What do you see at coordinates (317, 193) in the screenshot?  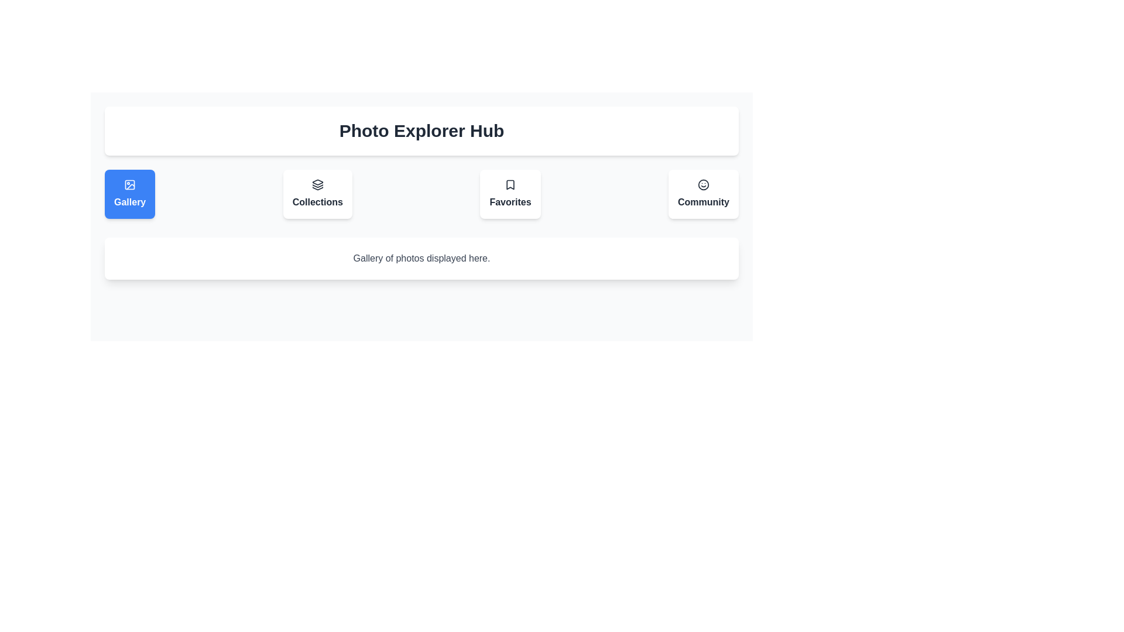 I see `the 'Collections' navigation button located between the 'Gallery' and 'Favorites' buttons in the 'Photo Explorer Hub' interface` at bounding box center [317, 193].